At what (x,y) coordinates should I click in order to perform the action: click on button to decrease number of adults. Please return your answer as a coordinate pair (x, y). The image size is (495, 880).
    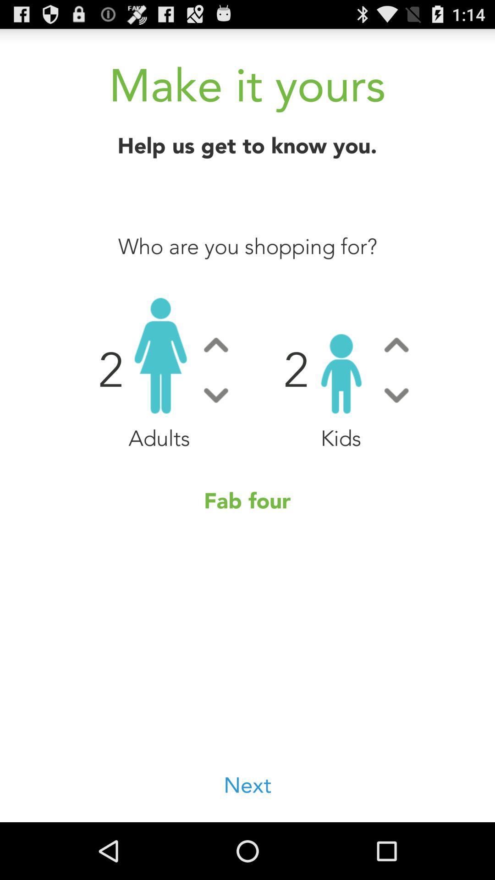
    Looking at the image, I should click on (216, 395).